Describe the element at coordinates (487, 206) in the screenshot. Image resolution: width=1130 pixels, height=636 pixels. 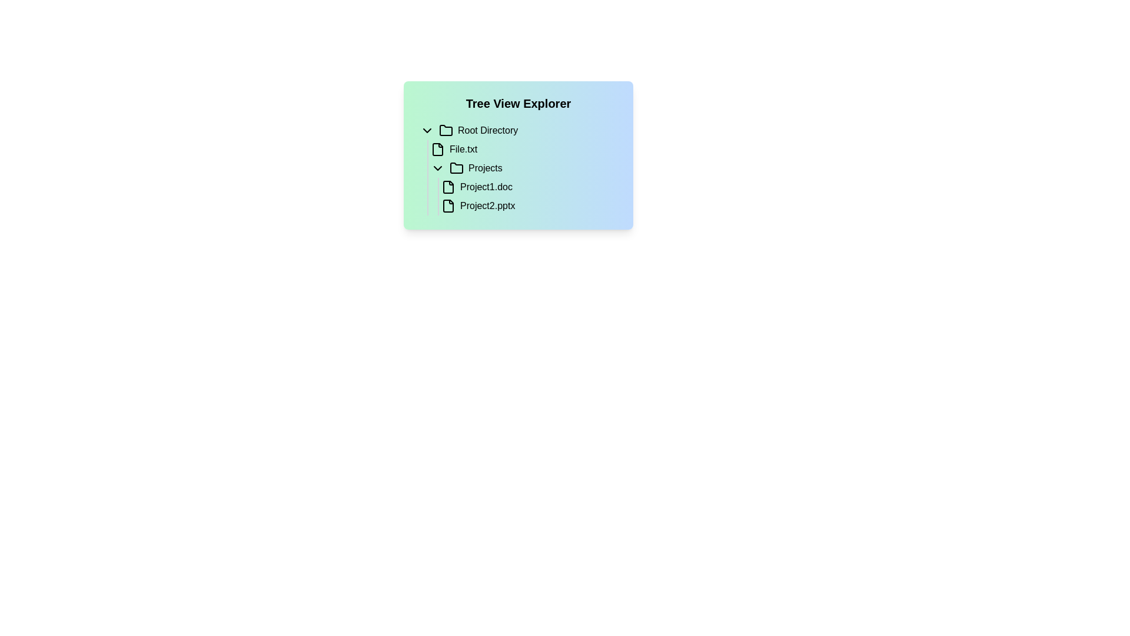
I see `the text label representing the file name in the tree view explorer, located below 'Project1.doc' in the 'Projects' folder` at that location.